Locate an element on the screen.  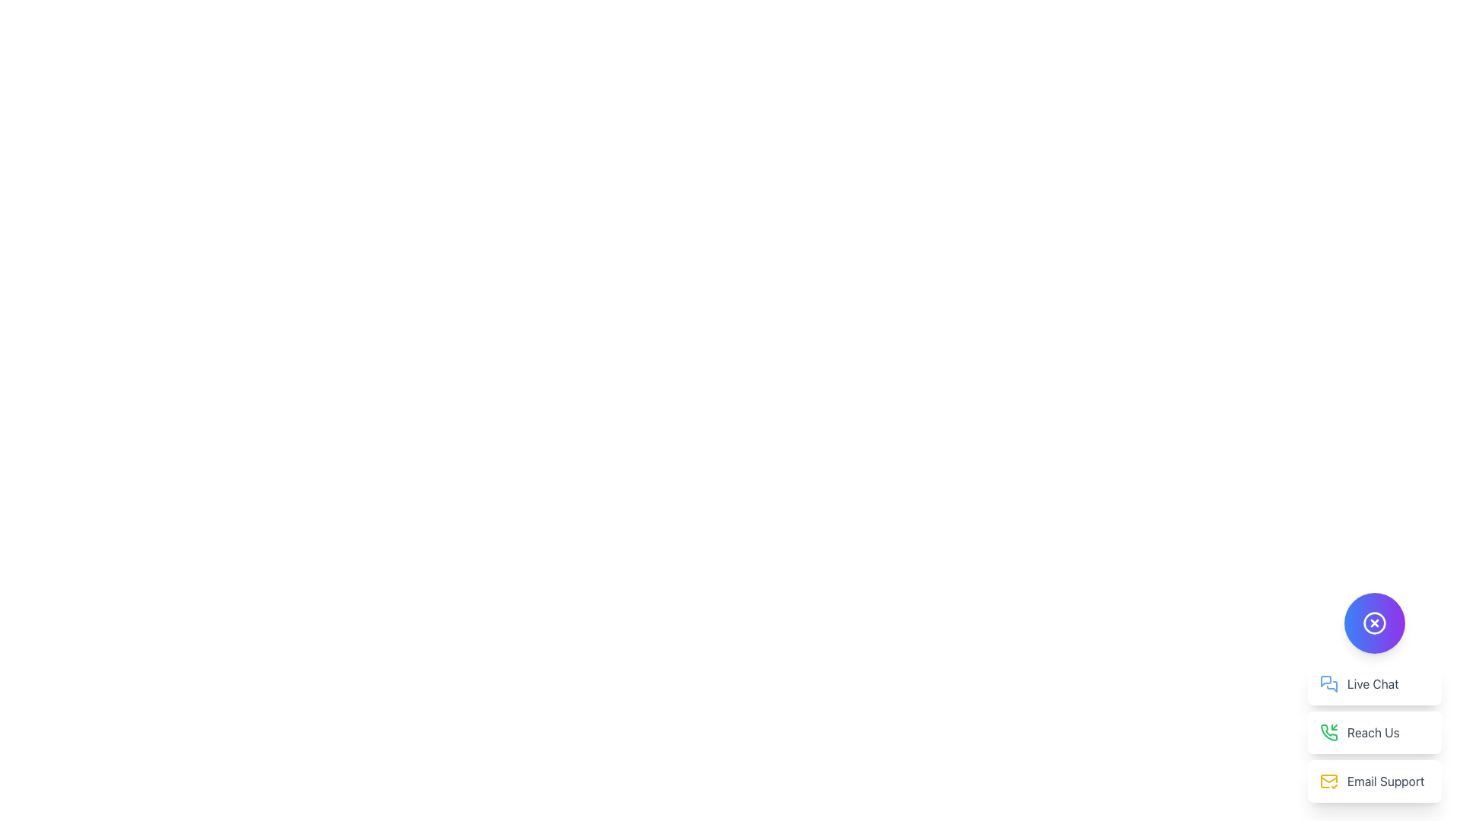
the green phone receiver icon with an arrow, which indicates an incoming call, located at the lower right corner of the interface is located at coordinates (1328, 732).